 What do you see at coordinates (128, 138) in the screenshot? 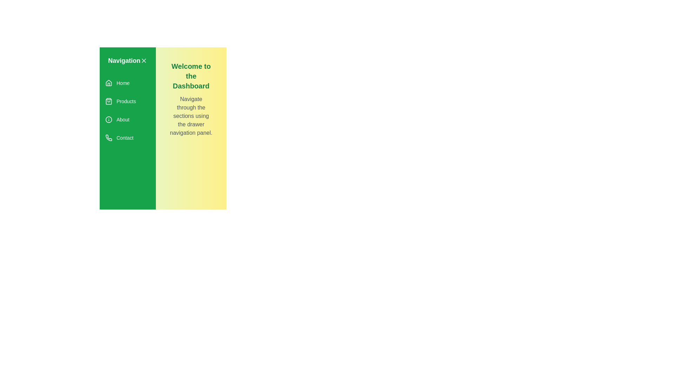
I see `the menu item Contact to observe its hover effect` at bounding box center [128, 138].